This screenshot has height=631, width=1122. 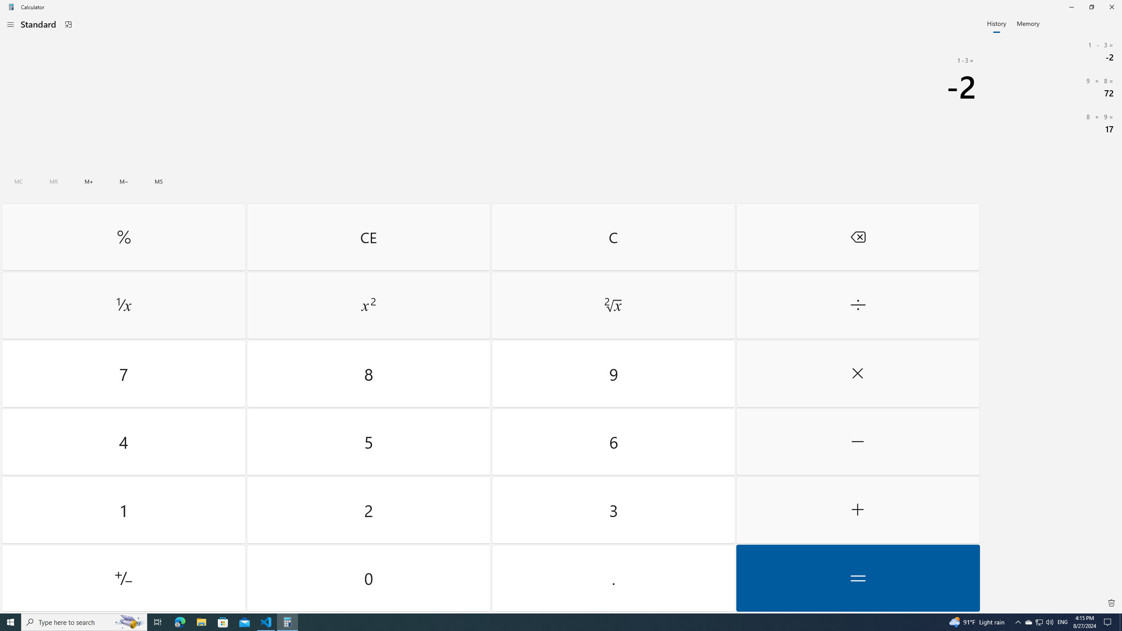 What do you see at coordinates (857, 305) in the screenshot?
I see `'Divide by'` at bounding box center [857, 305].